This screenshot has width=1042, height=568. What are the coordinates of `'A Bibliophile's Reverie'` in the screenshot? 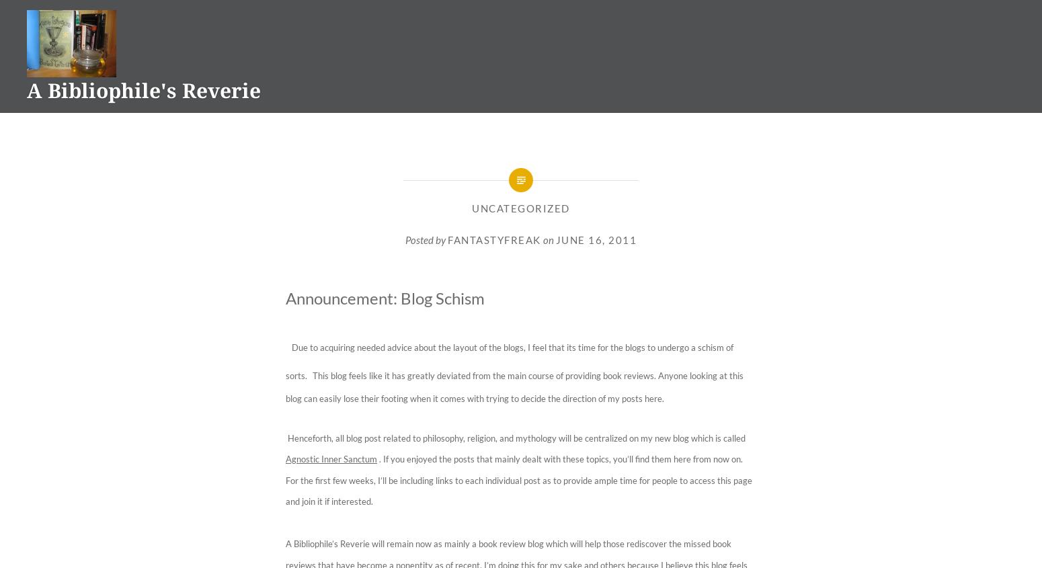 It's located at (143, 90).